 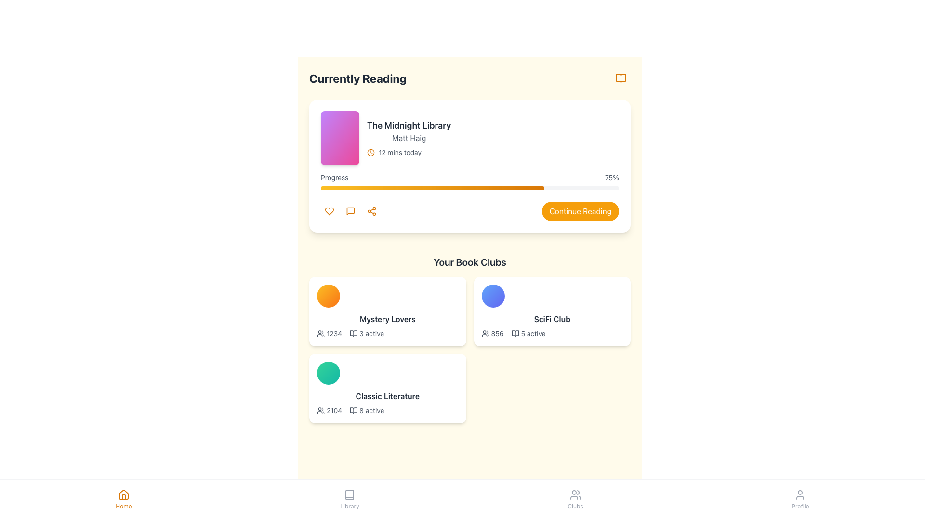 What do you see at coordinates (357, 78) in the screenshot?
I see `the Text header located at the top-left corner of a section header that provides context for currently active reading materials` at bounding box center [357, 78].